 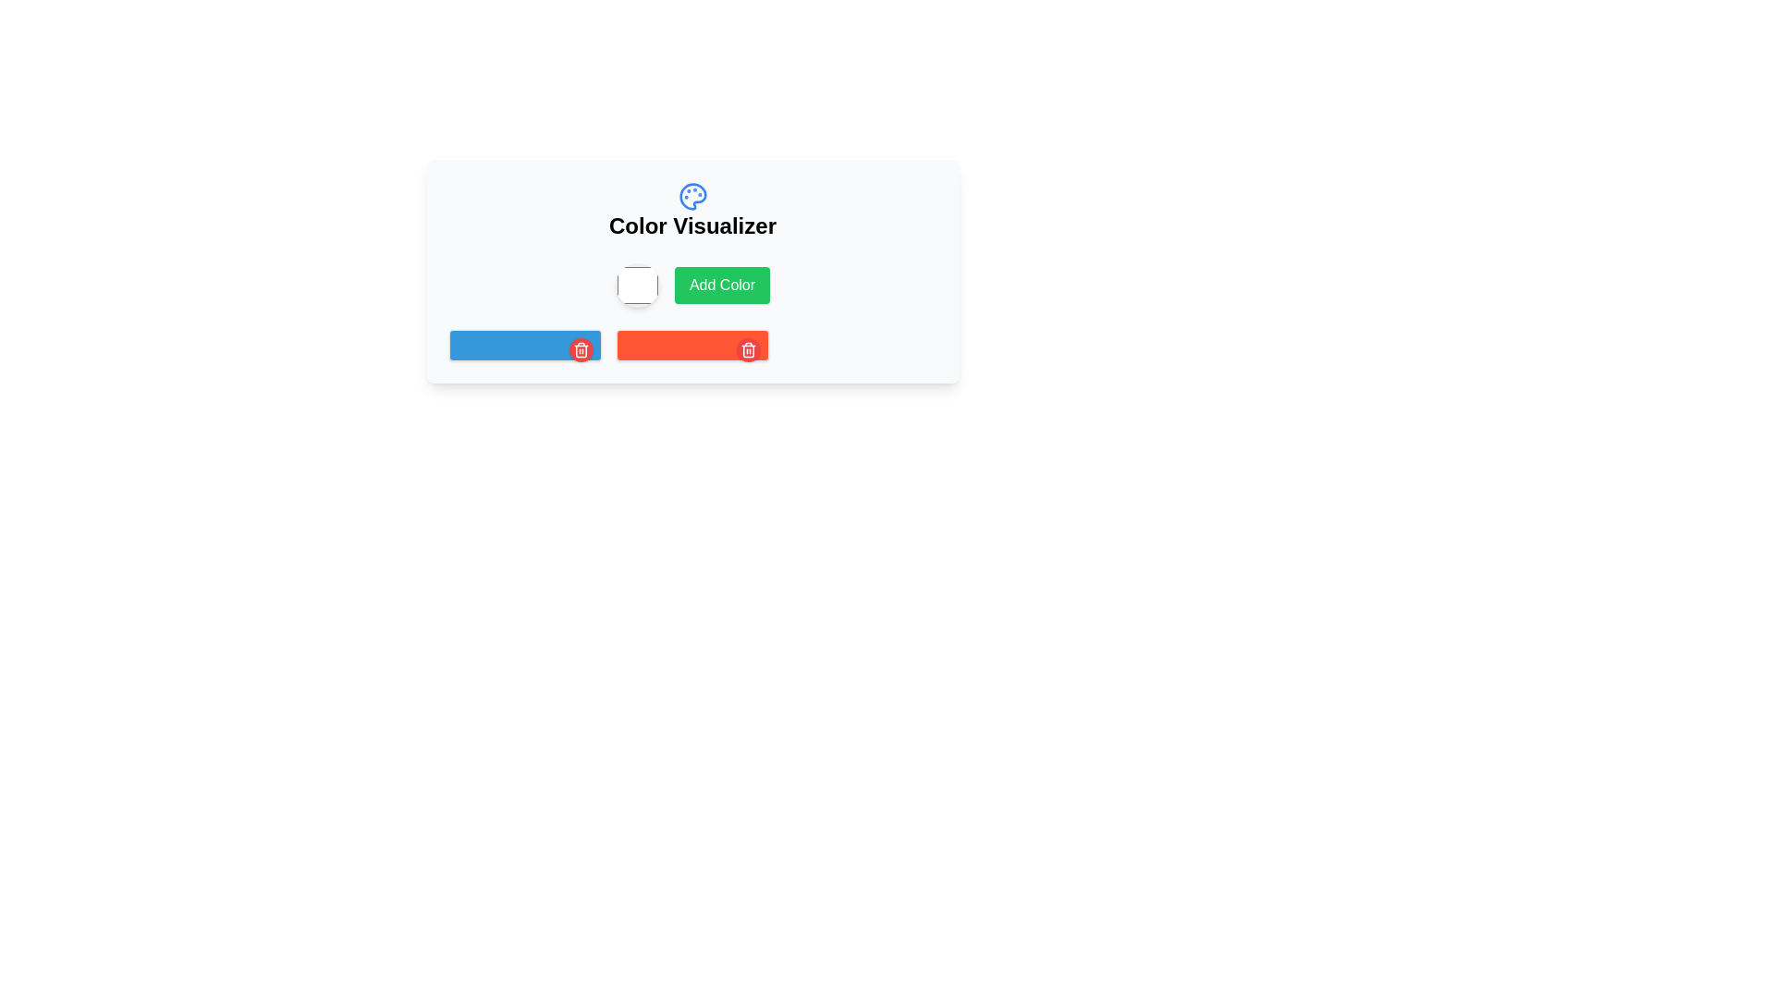 I want to click on the static text label indicating the purpose of the Color Visualizer panel, which is centrally aligned and located below a decorative palette icon, so click(x=692, y=225).